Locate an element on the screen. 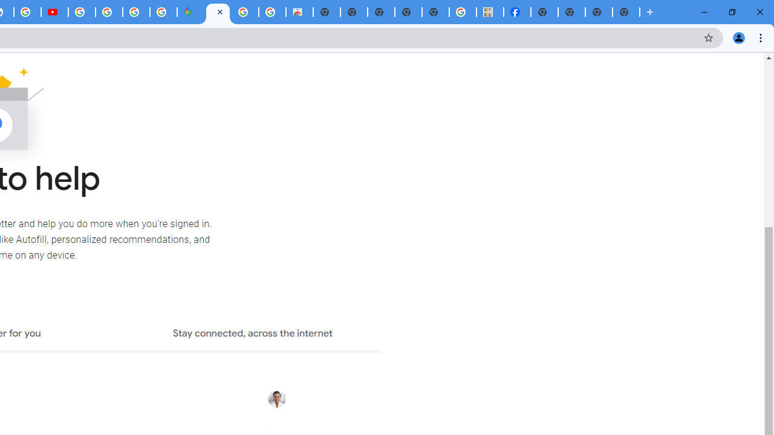 Image resolution: width=774 pixels, height=435 pixels. 'Chrome Web Store - Shopping' is located at coordinates (299, 12).